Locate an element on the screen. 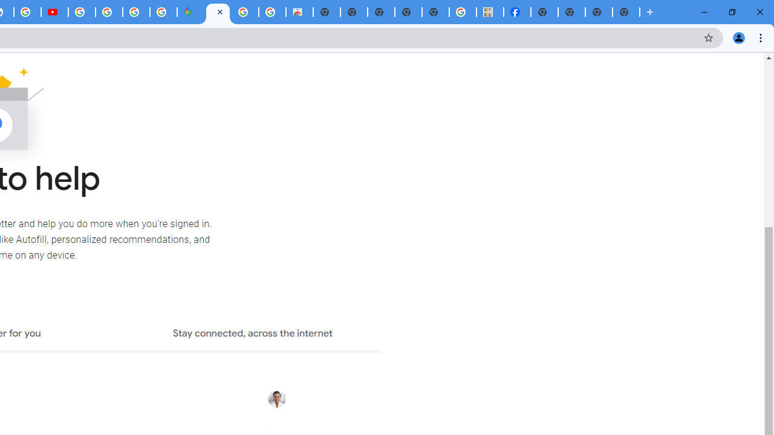 Image resolution: width=774 pixels, height=435 pixels. 'Chrome Web Store - Shopping' is located at coordinates (299, 12).